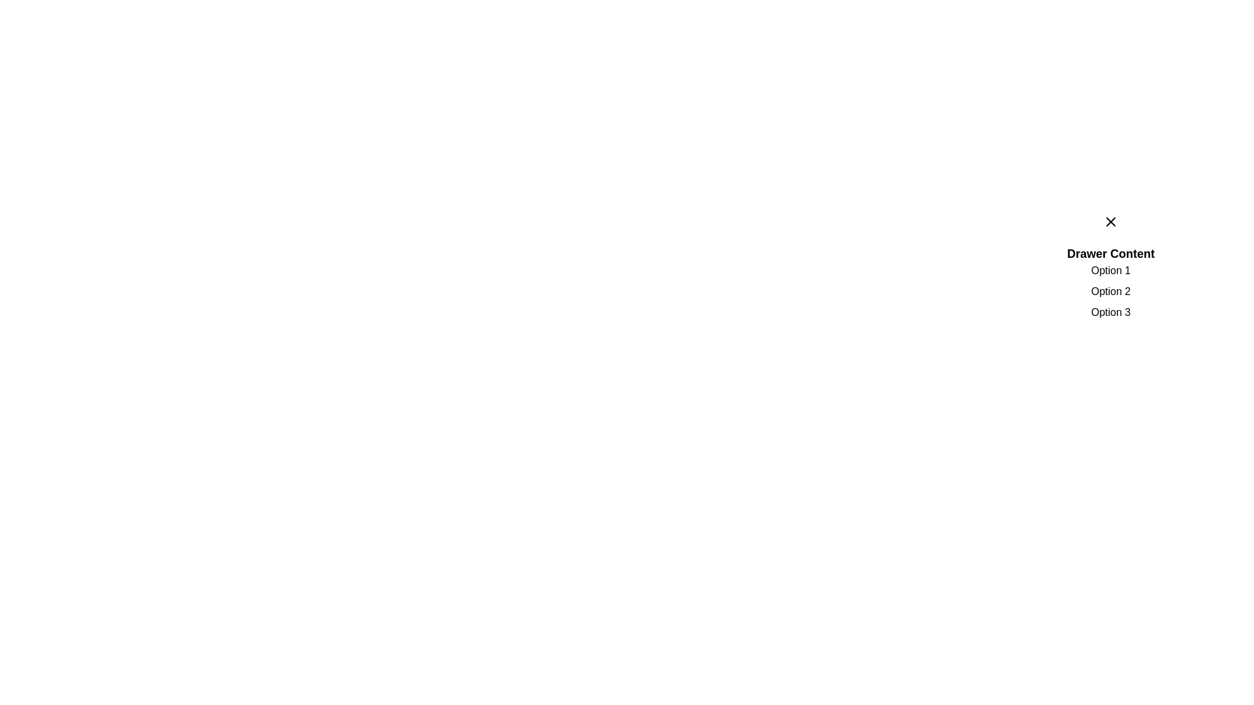  Describe the element at coordinates (1110, 270) in the screenshot. I see `the actionable button labeled 'Option 1' located at the top-right quadrant of the interface, above 'Option 2' and 'Option 3'` at that location.